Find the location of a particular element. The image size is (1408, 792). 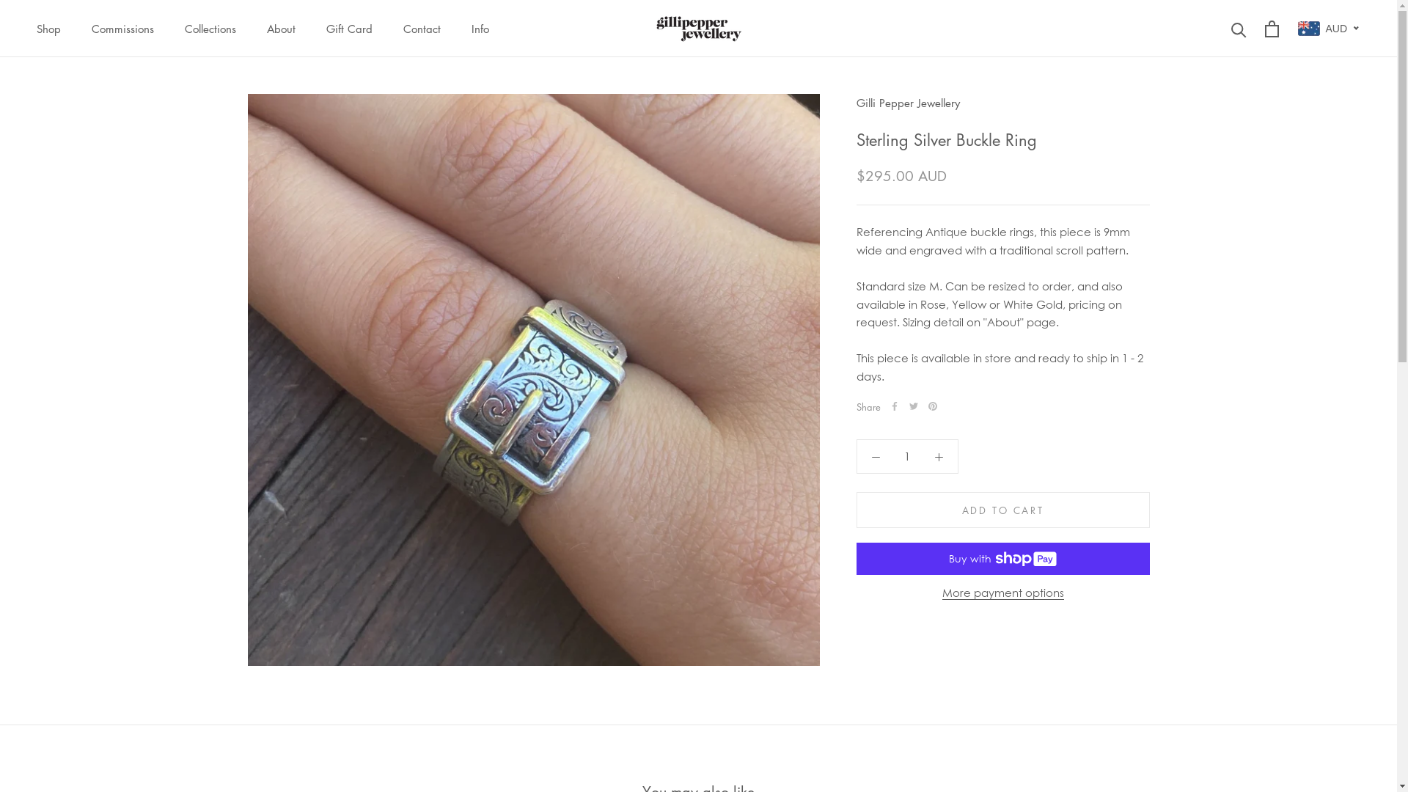

'Contact is located at coordinates (421, 28).